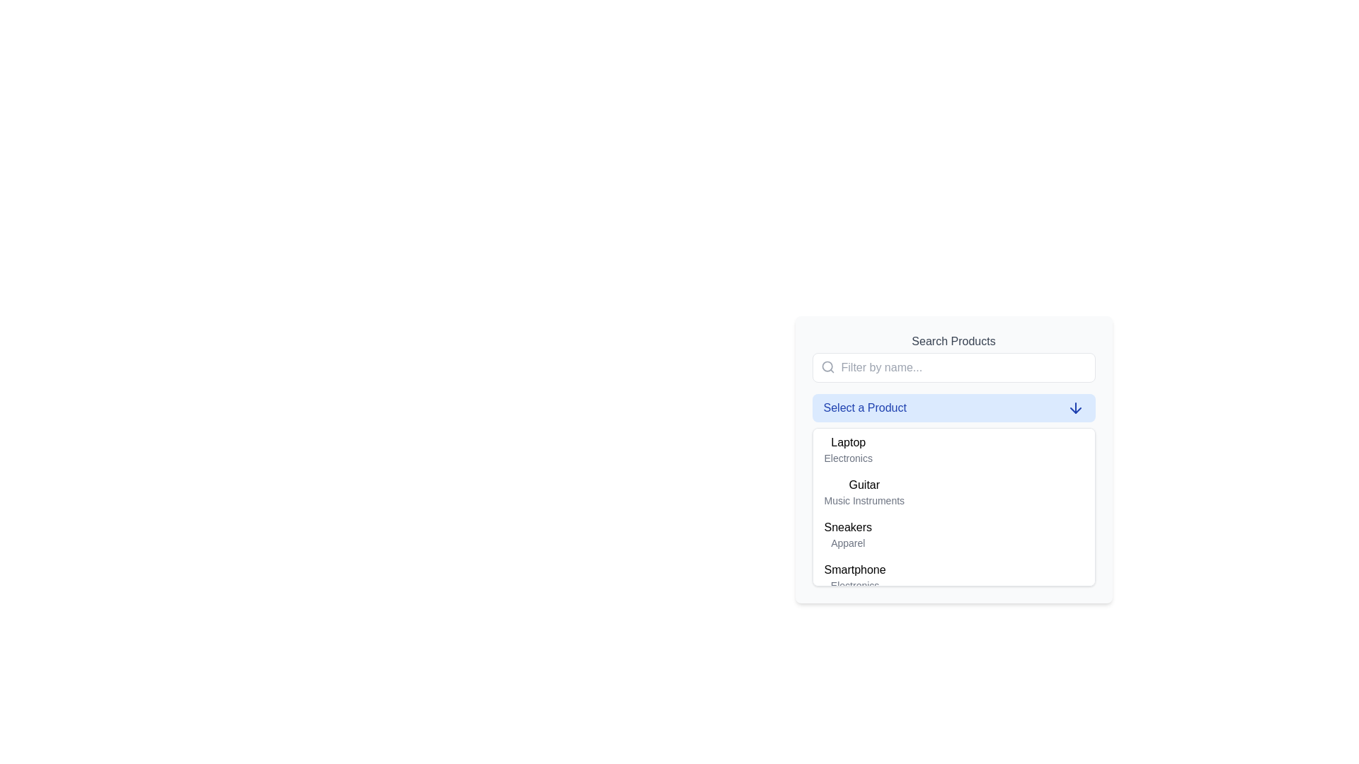 The image size is (1359, 764). What do you see at coordinates (864, 500) in the screenshot?
I see `text label 'Music Instruments' located in the dropdown menu beneath 'Guitar' for additional information` at bounding box center [864, 500].